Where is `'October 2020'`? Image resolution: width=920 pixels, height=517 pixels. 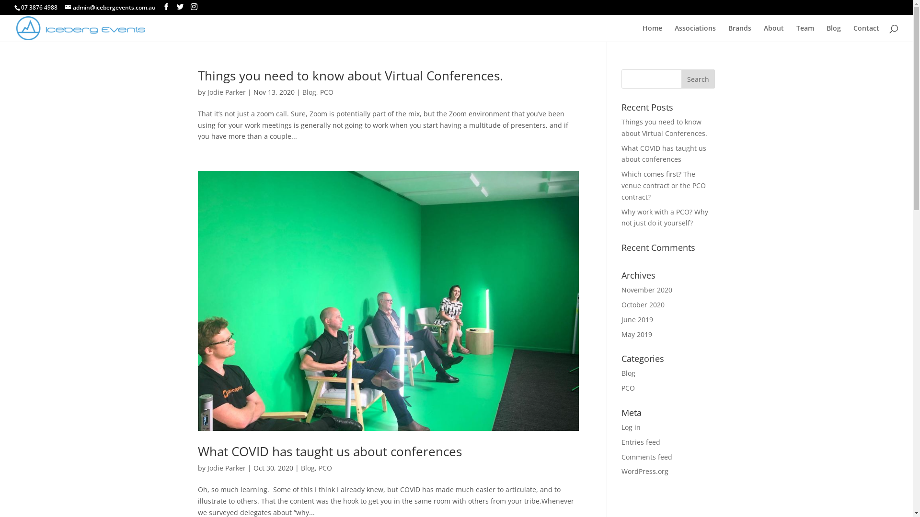
'October 2020' is located at coordinates (643, 304).